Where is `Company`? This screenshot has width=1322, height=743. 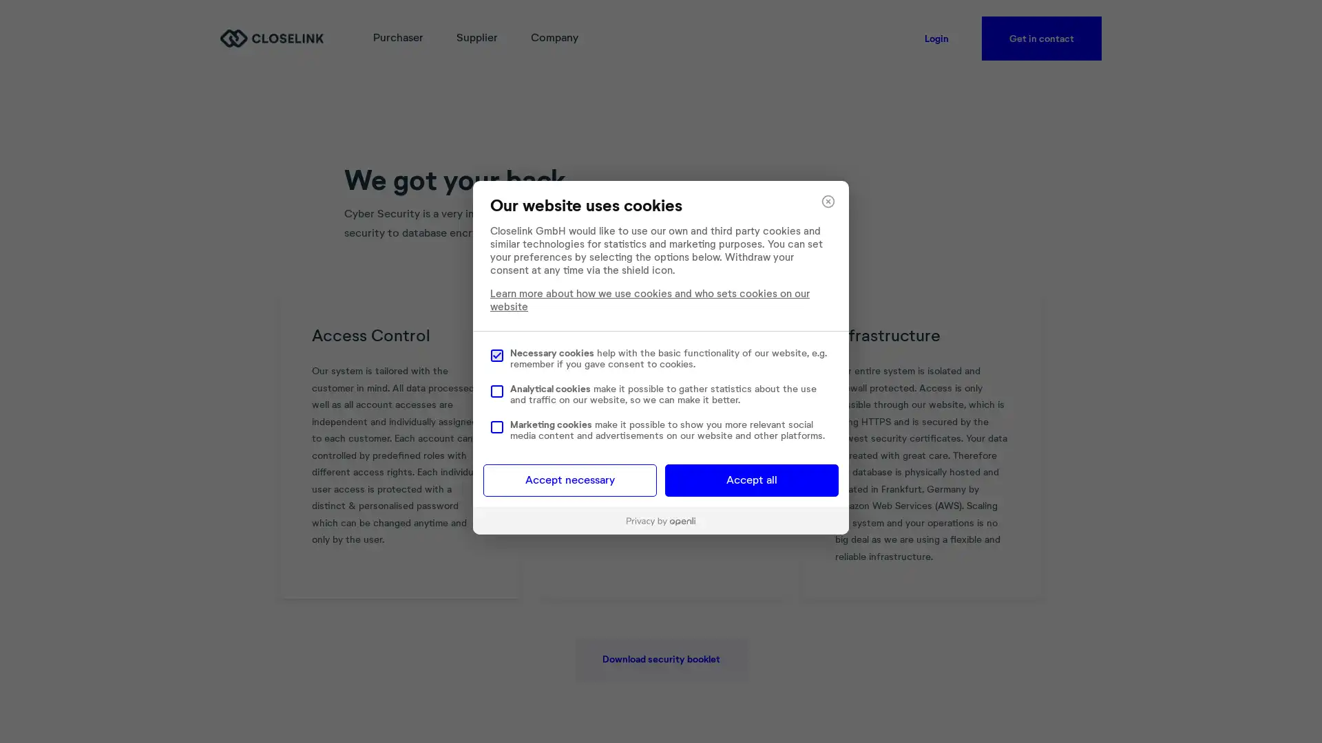
Company is located at coordinates (554, 38).